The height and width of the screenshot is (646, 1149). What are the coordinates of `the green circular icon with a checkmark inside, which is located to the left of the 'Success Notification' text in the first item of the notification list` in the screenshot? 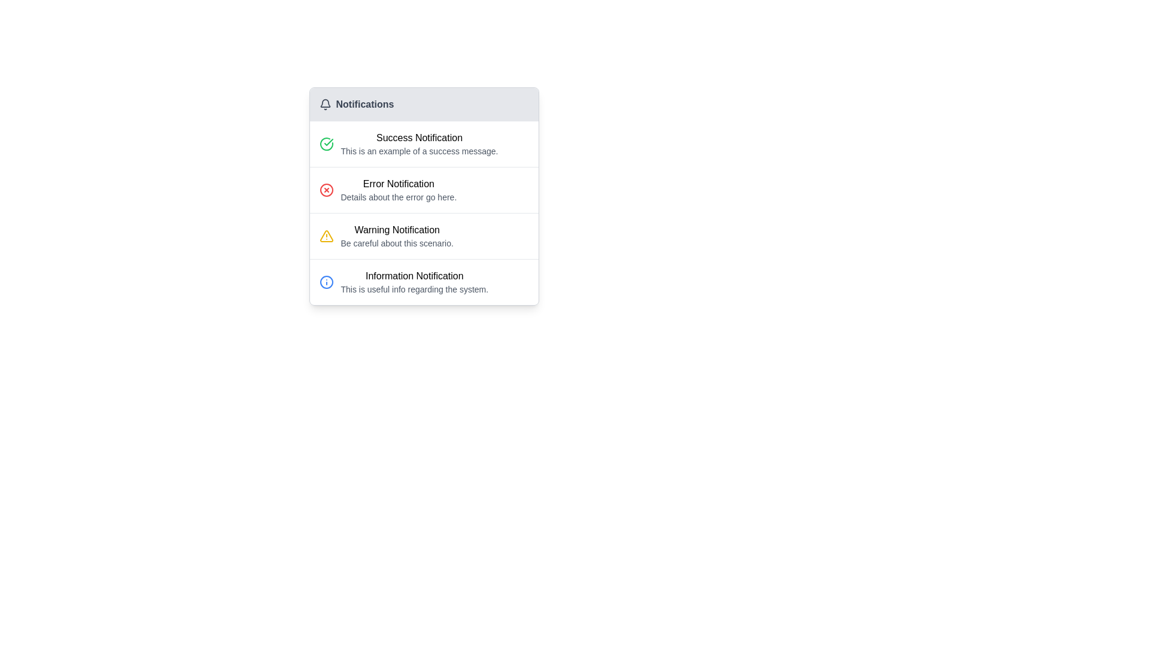 It's located at (326, 143).